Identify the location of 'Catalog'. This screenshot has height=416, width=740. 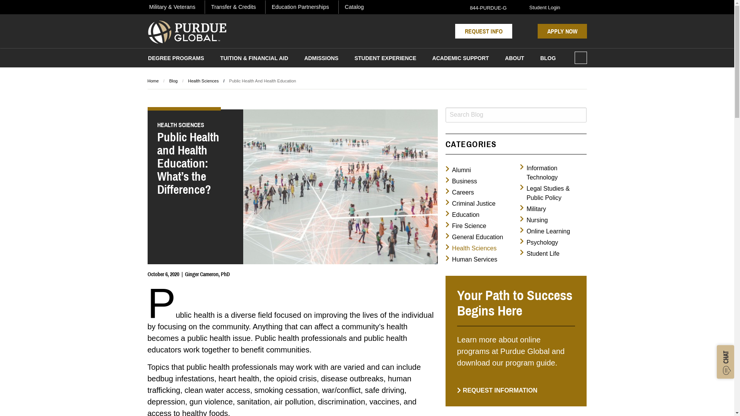
(354, 7).